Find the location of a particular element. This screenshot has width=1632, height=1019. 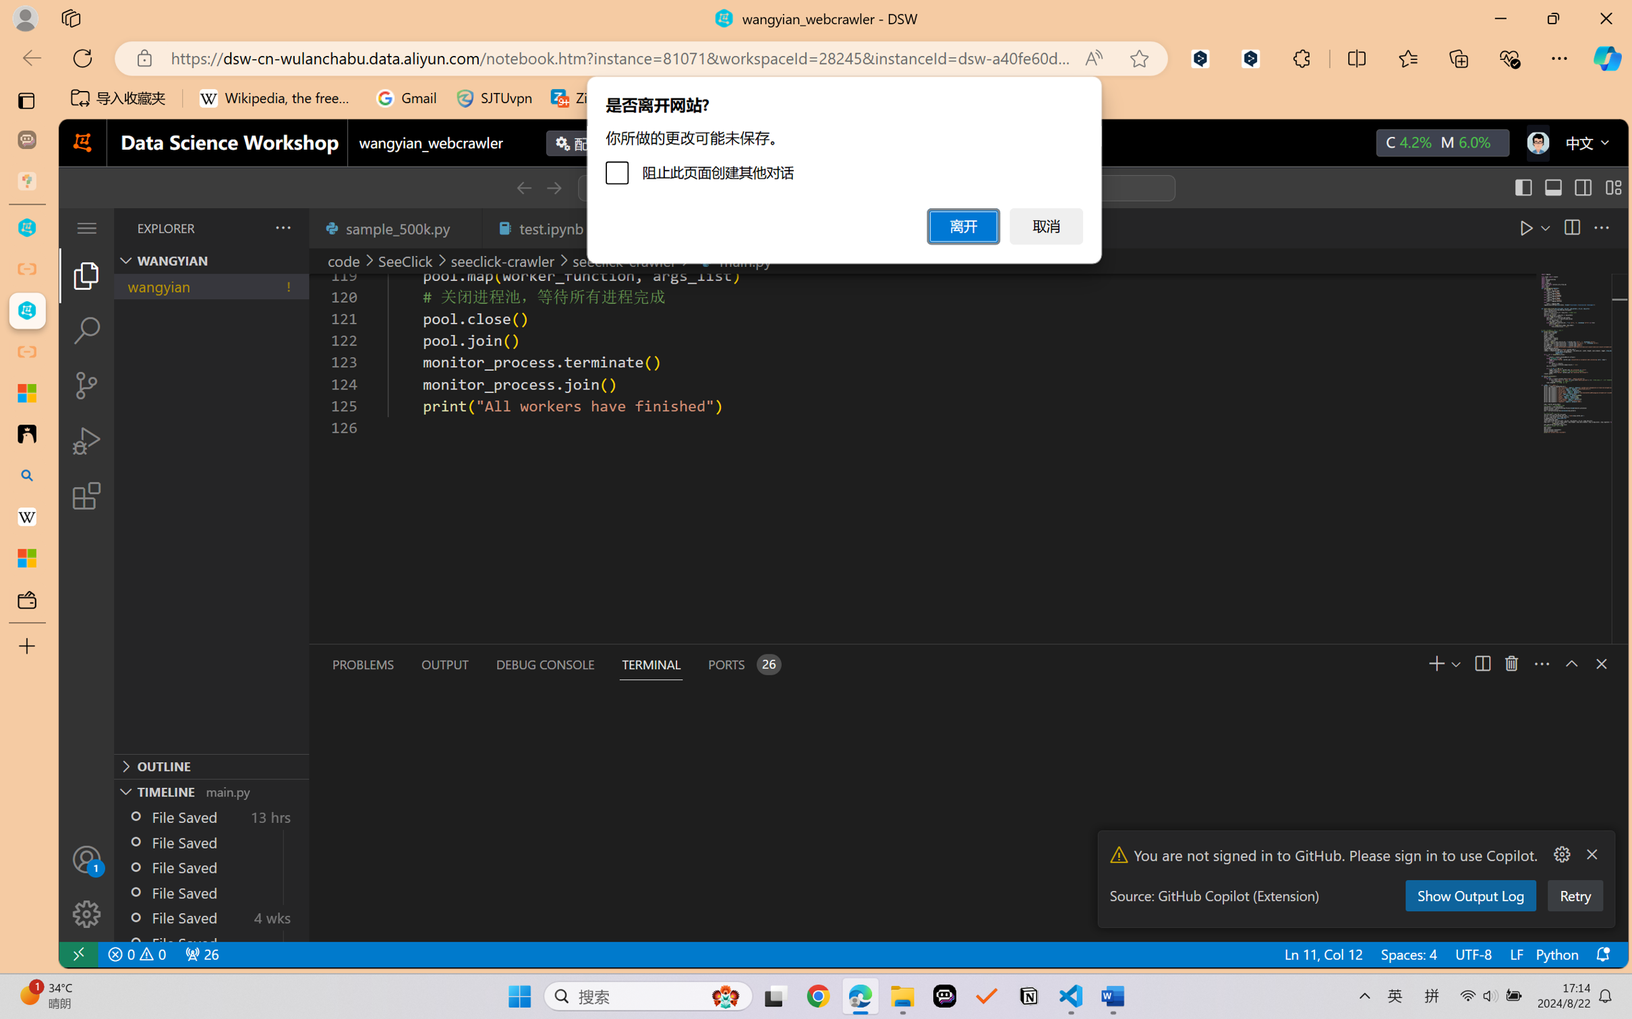

'Google Chrome' is located at coordinates (818, 996).